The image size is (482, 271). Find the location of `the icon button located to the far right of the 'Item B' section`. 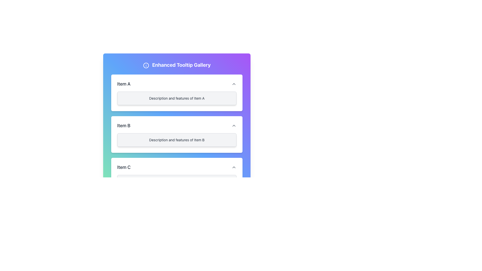

the icon button located to the far right of the 'Item B' section is located at coordinates (233, 125).